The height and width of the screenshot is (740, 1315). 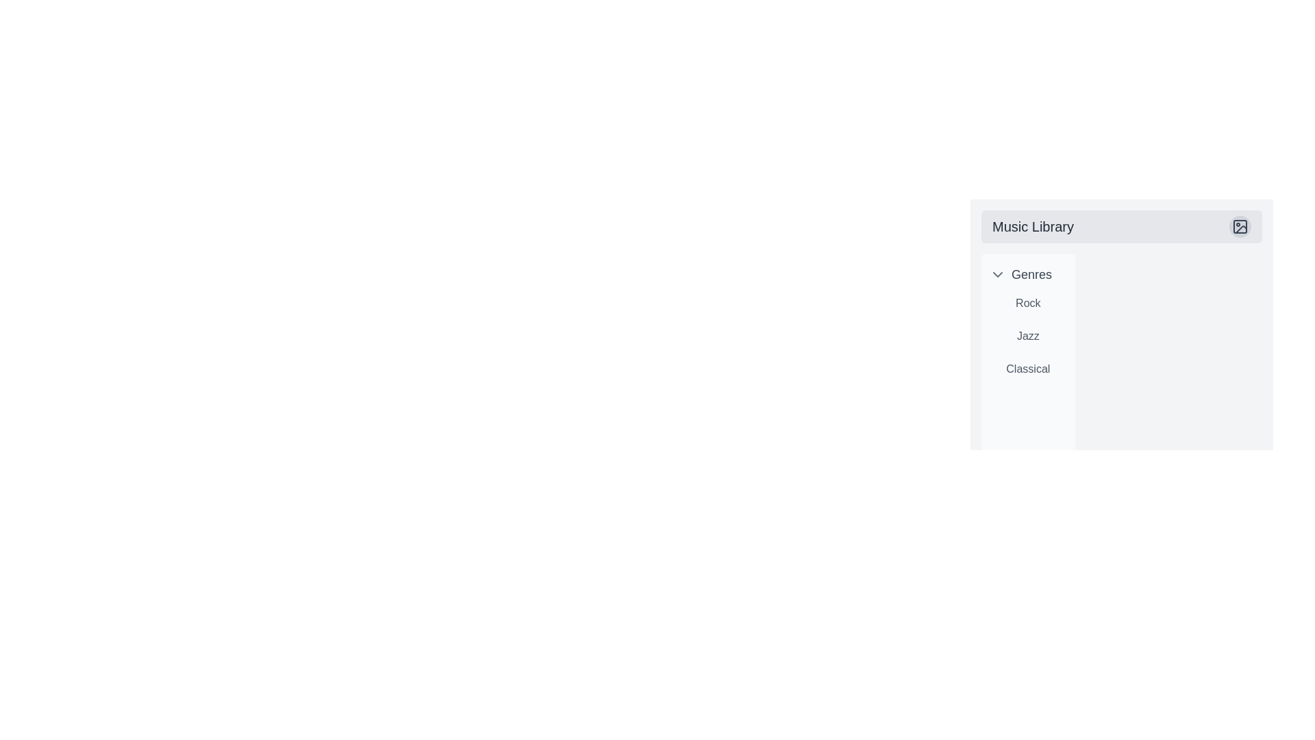 I want to click on the largest rectangular shape with rounded corners that represents a photograph or image placeholder within the SVG icon group in the top-right corner of the 'Music Library' header area, so click(x=1240, y=226).